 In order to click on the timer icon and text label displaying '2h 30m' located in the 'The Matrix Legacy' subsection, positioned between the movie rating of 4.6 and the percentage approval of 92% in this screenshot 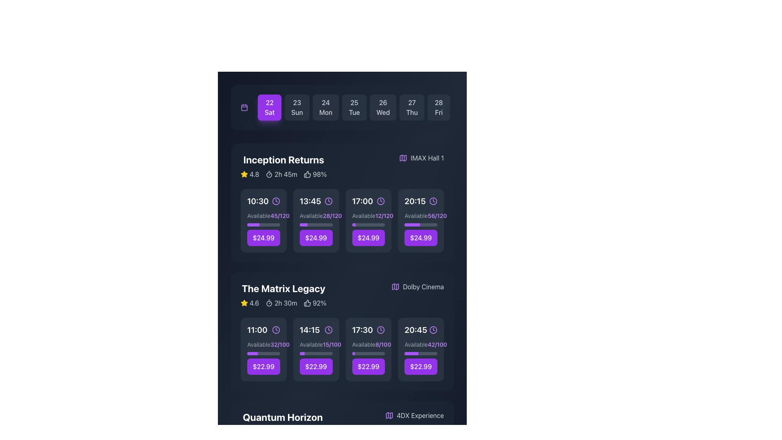, I will do `click(281, 303)`.